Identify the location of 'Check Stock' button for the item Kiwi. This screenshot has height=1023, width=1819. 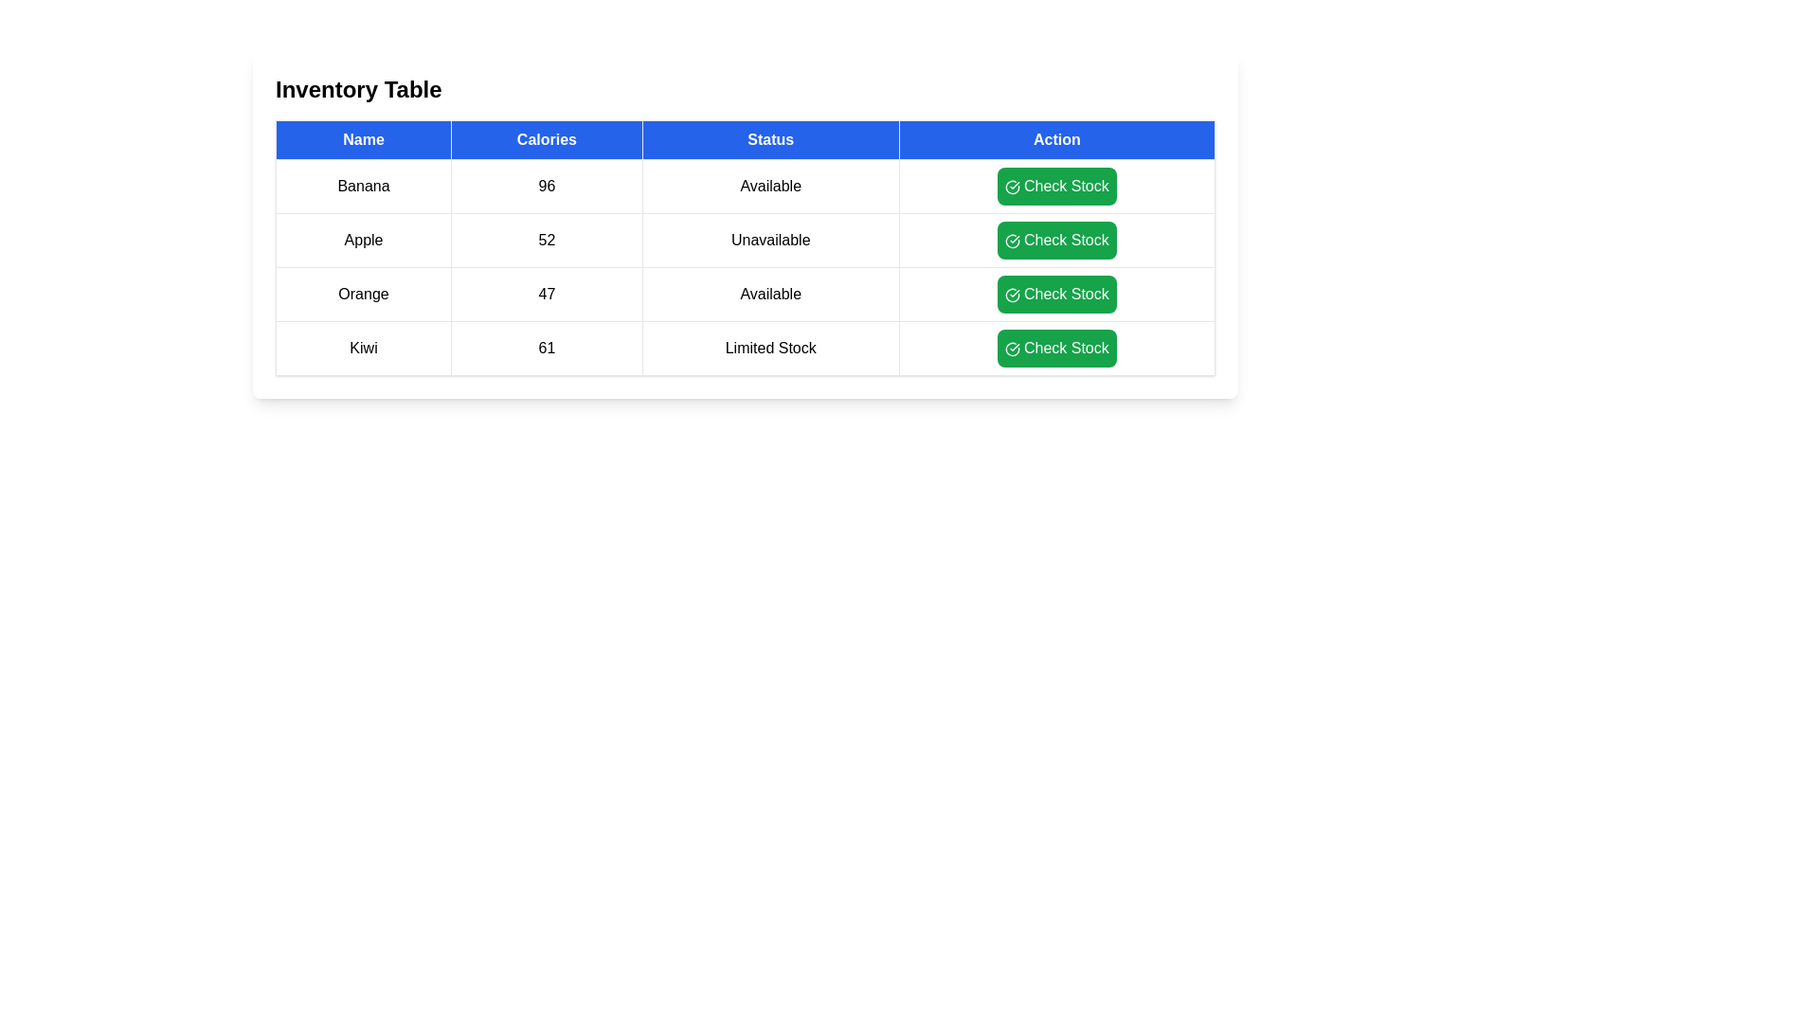
(1055, 348).